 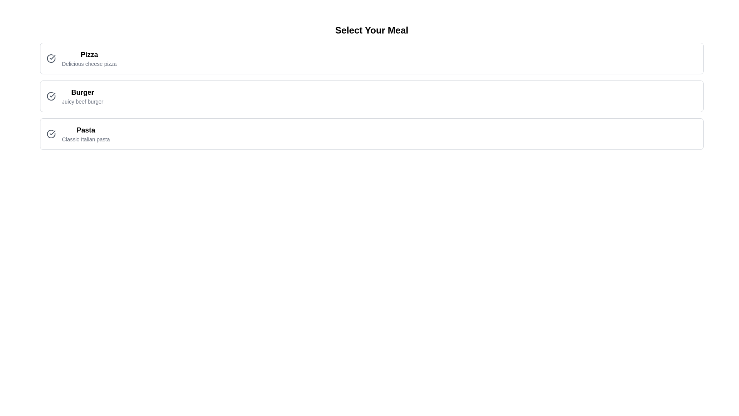 What do you see at coordinates (51, 133) in the screenshot?
I see `the 'Pasta' icon` at bounding box center [51, 133].